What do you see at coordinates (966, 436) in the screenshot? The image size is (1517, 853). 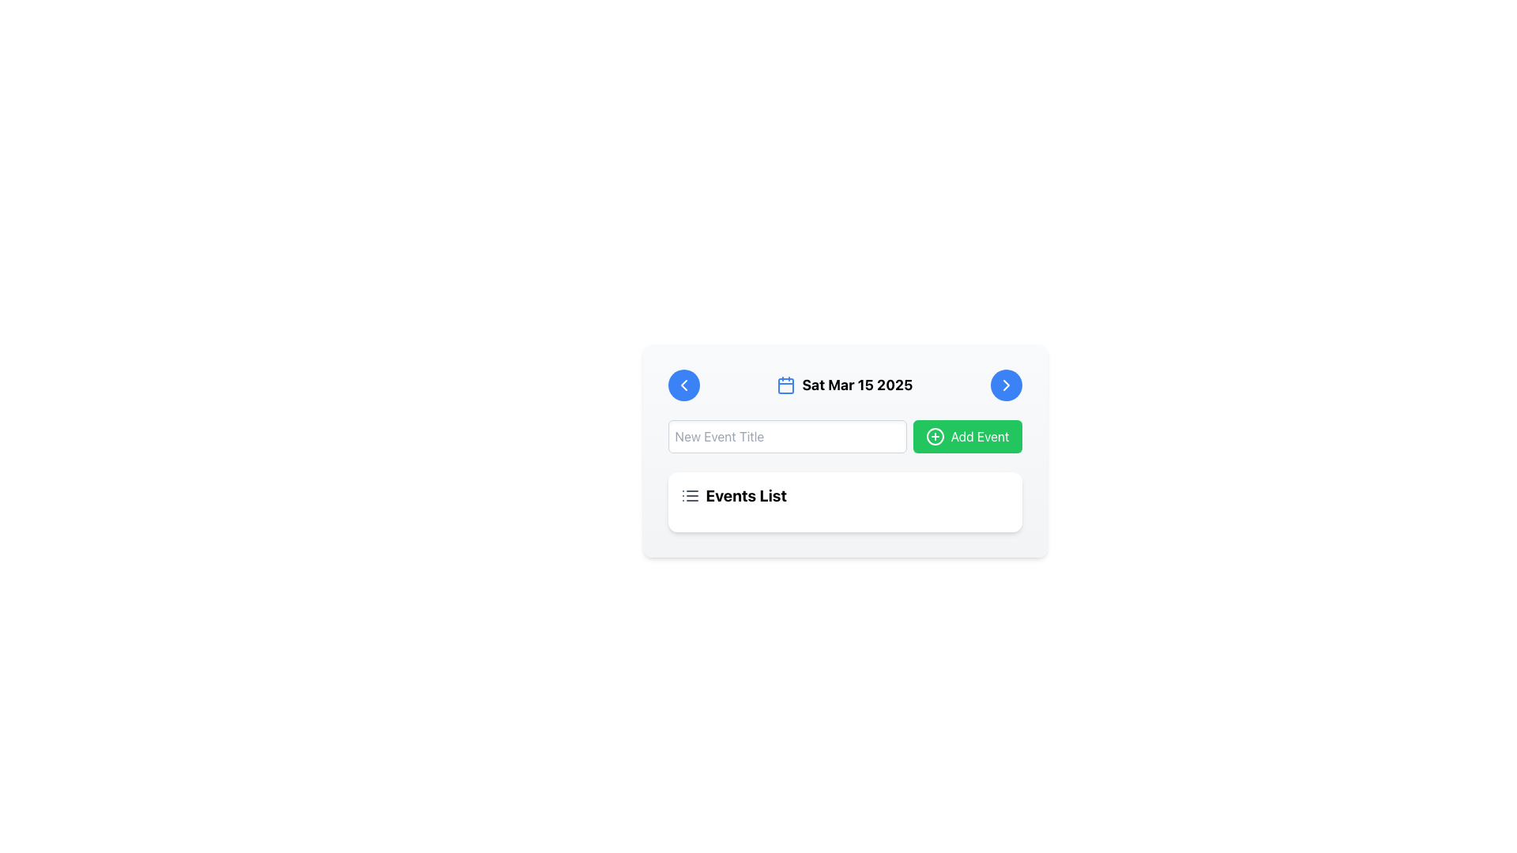 I see `the button that adds a new event, located to the right of the 'New Event Title' input field, to activate its hover styles` at bounding box center [966, 436].